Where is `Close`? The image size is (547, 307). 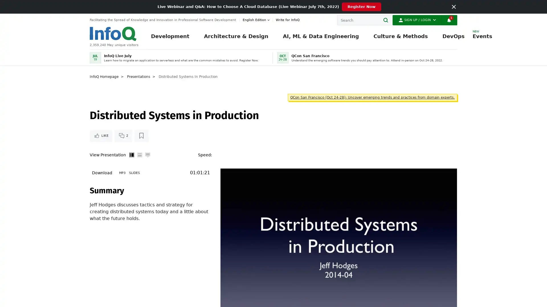 Close is located at coordinates (454, 7).